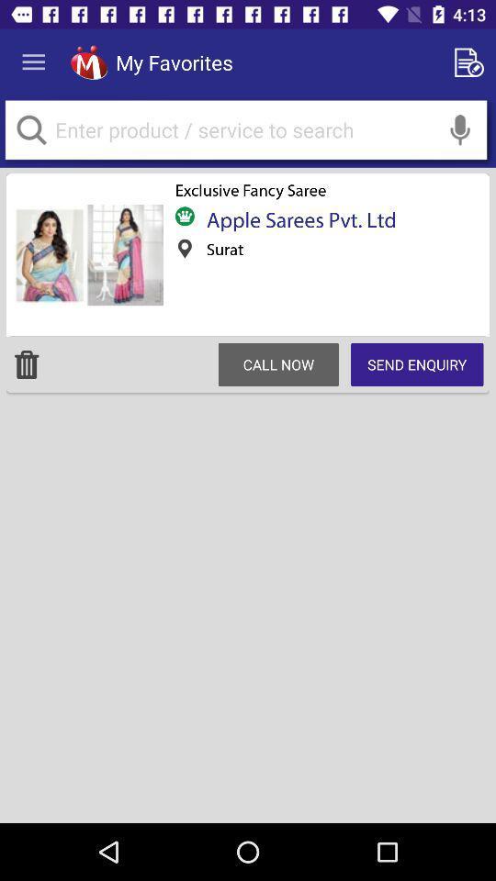 This screenshot has height=881, width=496. I want to click on the send enquiry icon, so click(417, 363).